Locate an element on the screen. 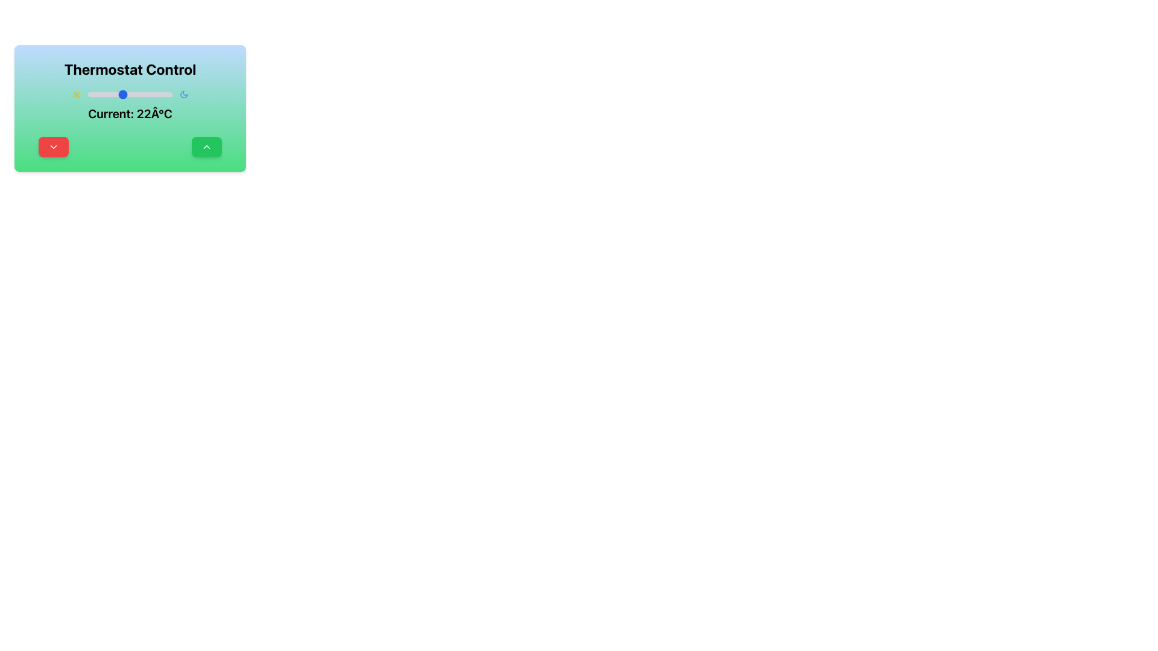  the red button containing the chevron-down SVG icon located in the lower-left corner of the thermostat control card is located at coordinates (53, 146).